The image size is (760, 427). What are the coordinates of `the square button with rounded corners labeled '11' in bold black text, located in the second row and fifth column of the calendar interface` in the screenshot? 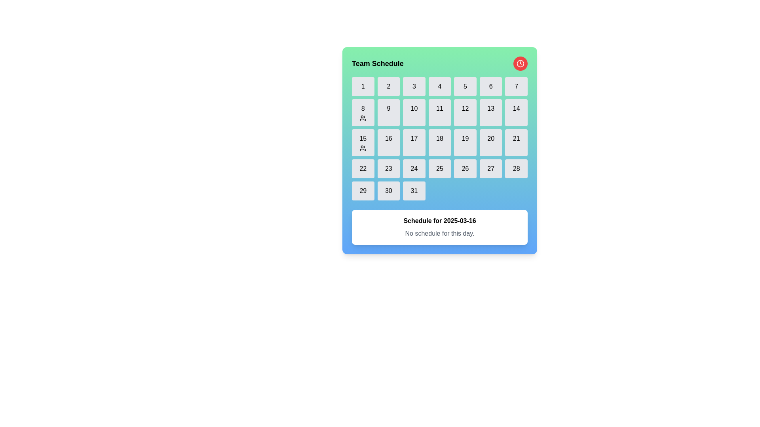 It's located at (439, 113).